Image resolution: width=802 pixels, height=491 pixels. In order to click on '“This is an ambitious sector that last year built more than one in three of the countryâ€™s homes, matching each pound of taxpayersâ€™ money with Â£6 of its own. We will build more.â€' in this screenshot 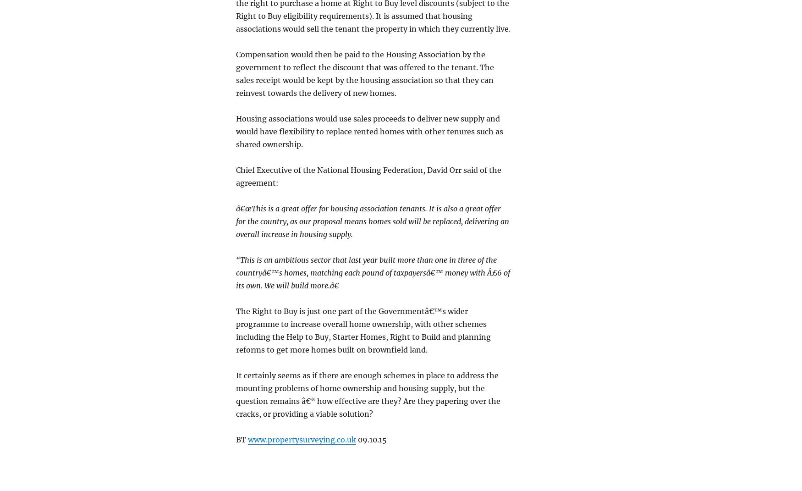, I will do `click(372, 272)`.